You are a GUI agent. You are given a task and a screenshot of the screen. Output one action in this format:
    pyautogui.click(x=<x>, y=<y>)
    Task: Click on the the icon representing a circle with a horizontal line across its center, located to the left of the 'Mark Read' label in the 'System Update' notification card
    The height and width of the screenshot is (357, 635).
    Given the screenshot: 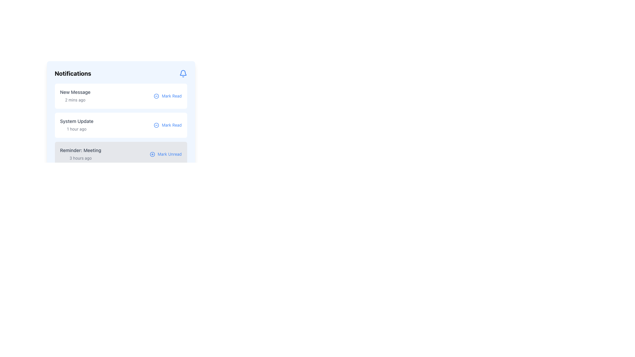 What is the action you would take?
    pyautogui.click(x=156, y=125)
    